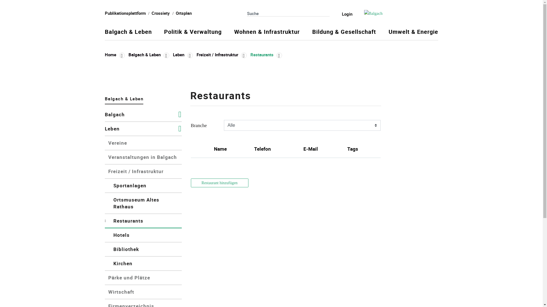 This screenshot has height=307, width=547. I want to click on 'Freizeit / Infrastruktur', so click(221, 55).